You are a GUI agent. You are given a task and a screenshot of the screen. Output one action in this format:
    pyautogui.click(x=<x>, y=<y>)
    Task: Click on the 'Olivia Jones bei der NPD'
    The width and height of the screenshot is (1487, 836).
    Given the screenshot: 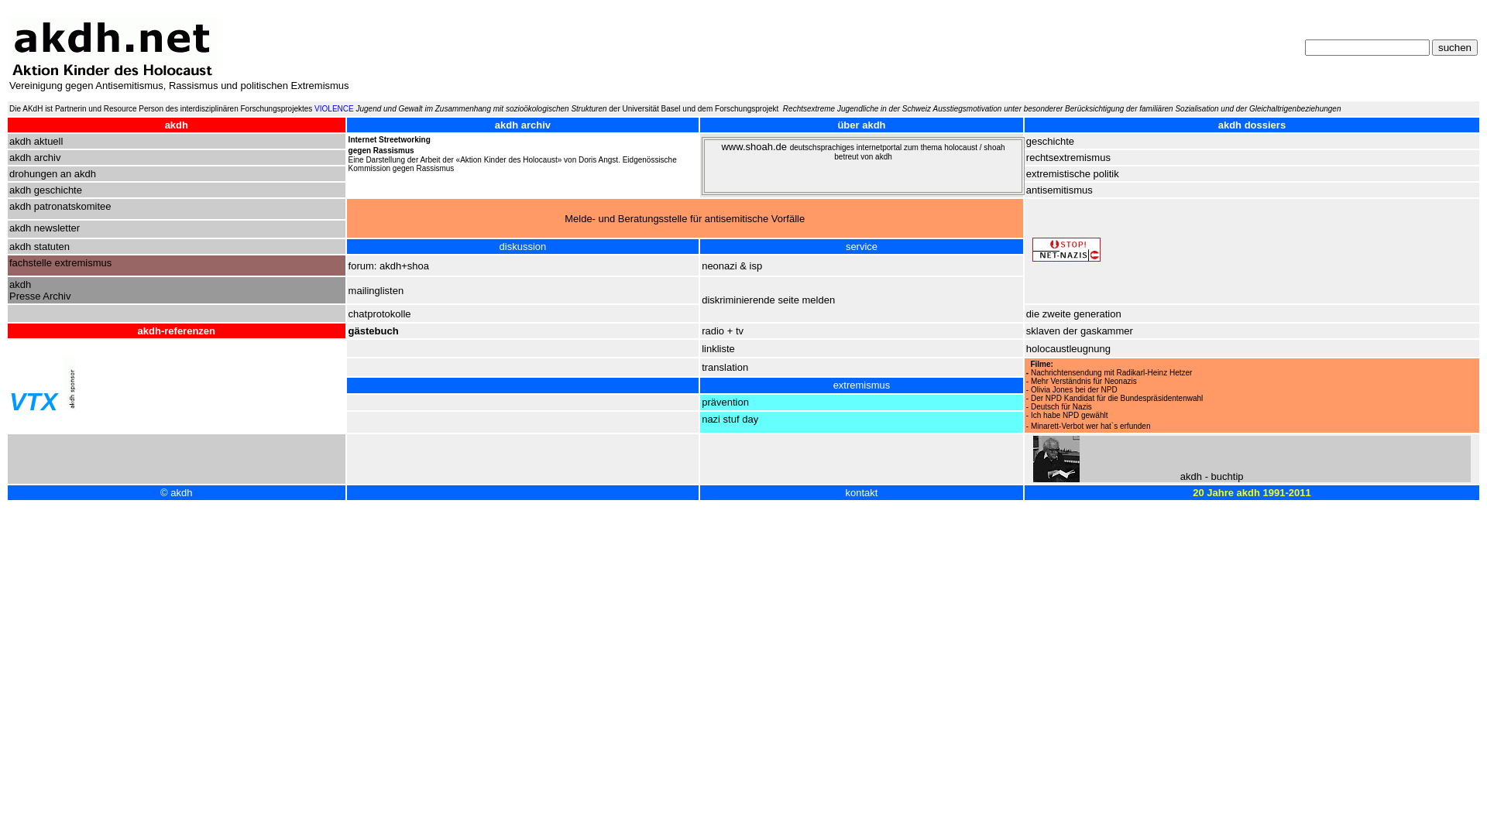 What is the action you would take?
    pyautogui.click(x=1073, y=389)
    